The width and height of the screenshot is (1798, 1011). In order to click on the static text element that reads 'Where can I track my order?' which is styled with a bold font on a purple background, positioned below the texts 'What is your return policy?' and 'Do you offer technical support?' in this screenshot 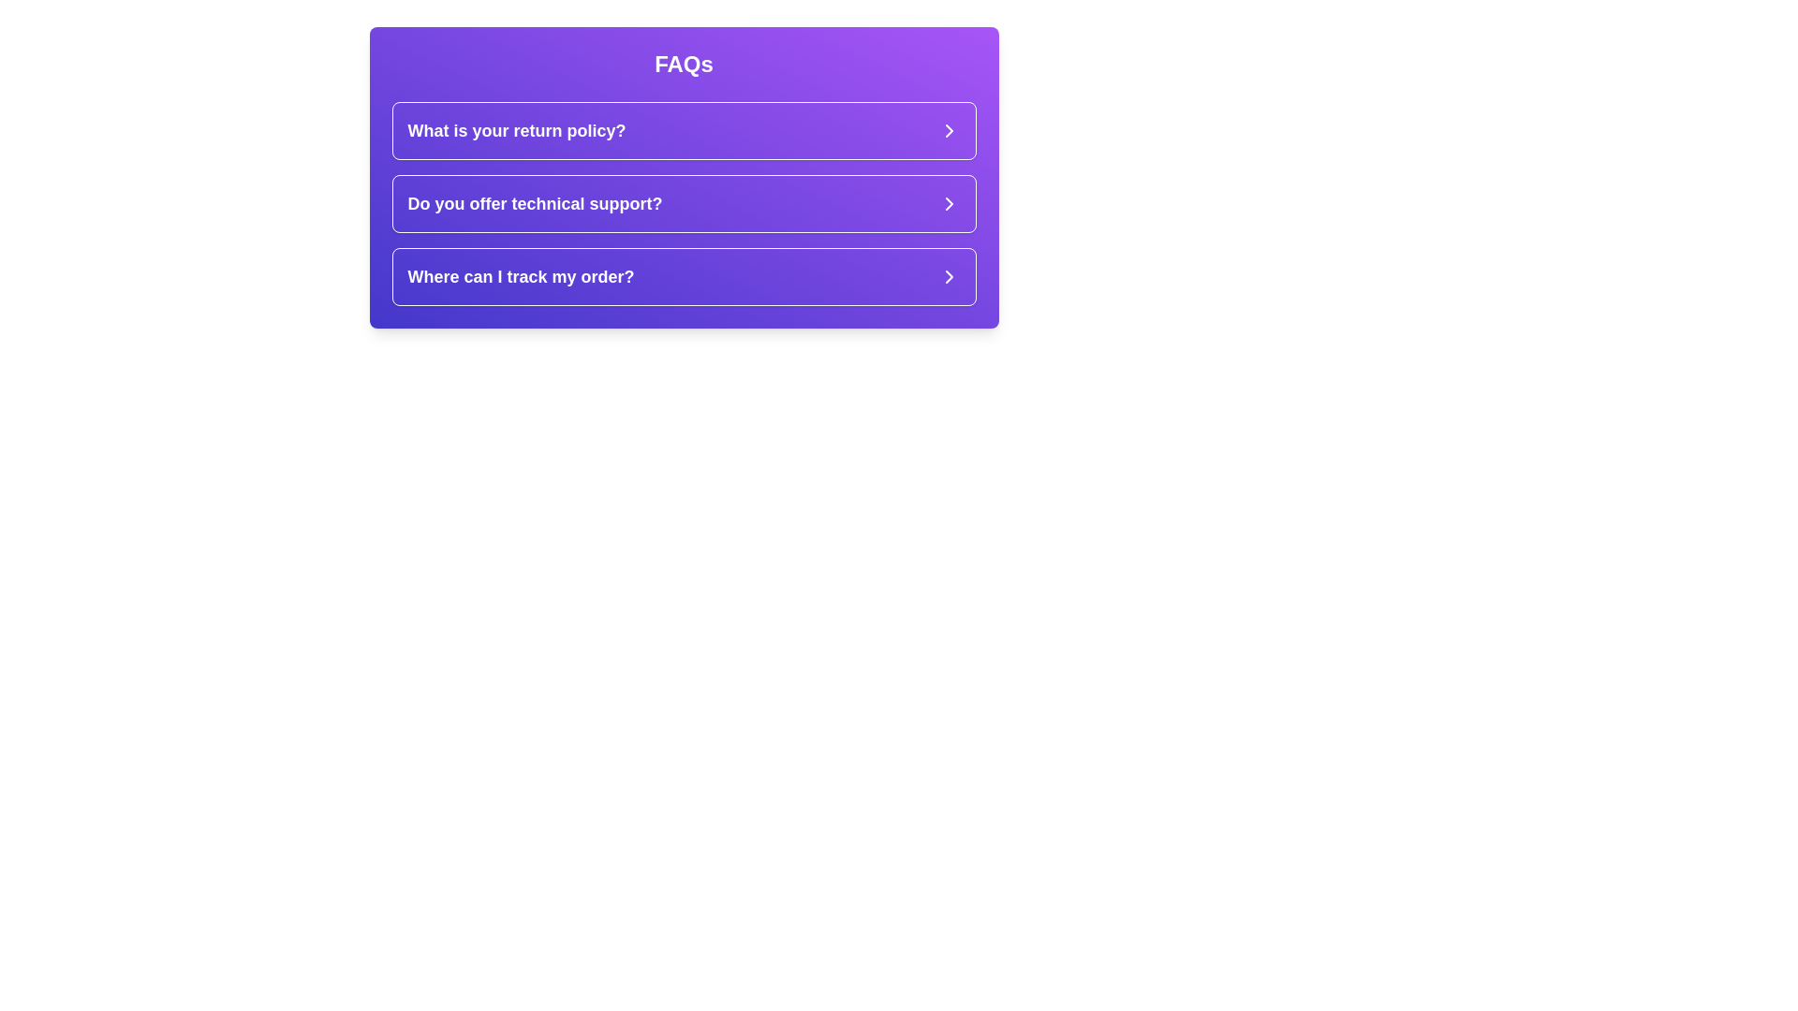, I will do `click(521, 277)`.